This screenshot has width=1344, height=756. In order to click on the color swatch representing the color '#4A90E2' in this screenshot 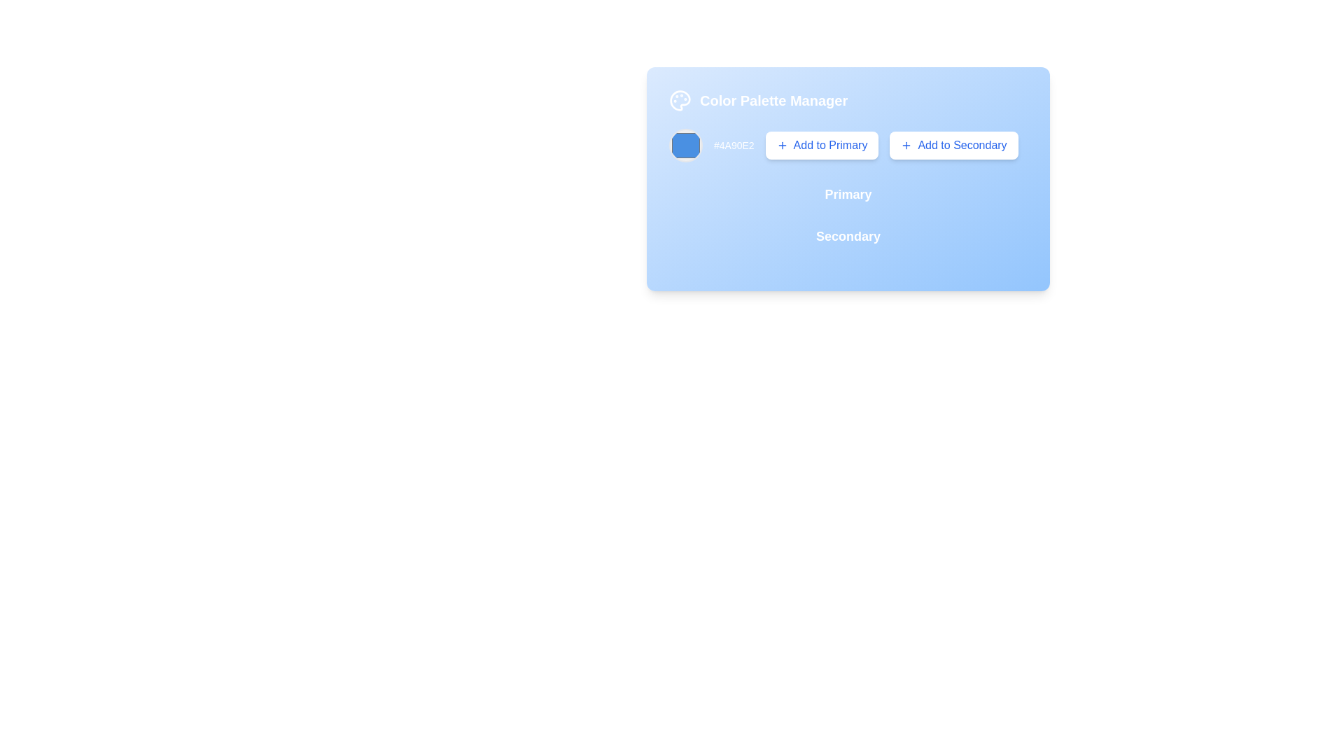, I will do `click(685, 146)`.